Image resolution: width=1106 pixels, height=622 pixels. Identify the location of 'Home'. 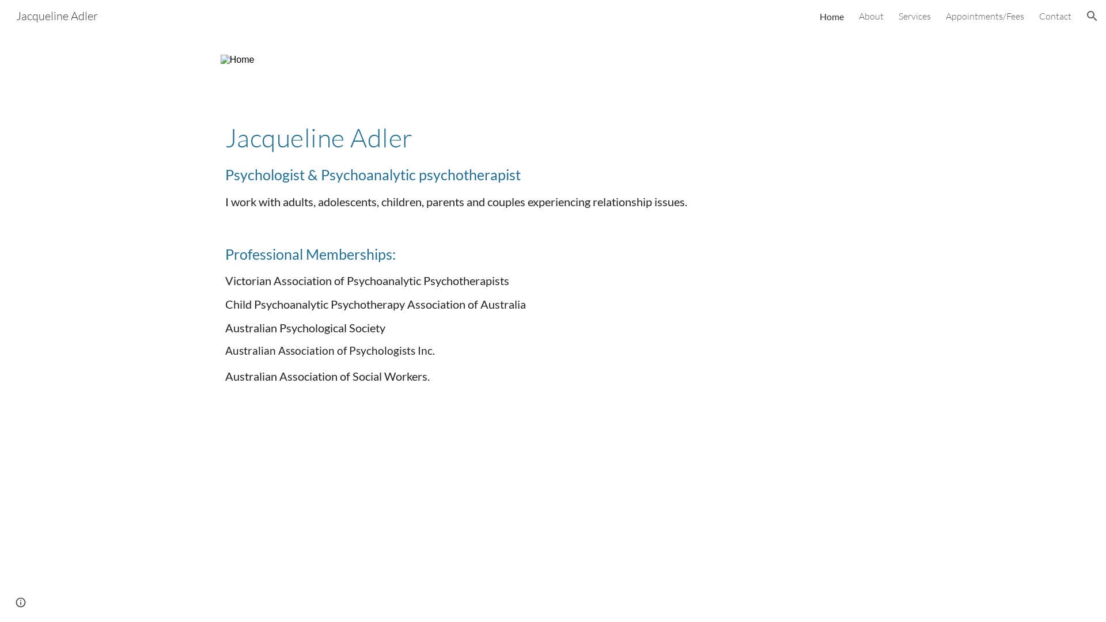
(832, 16).